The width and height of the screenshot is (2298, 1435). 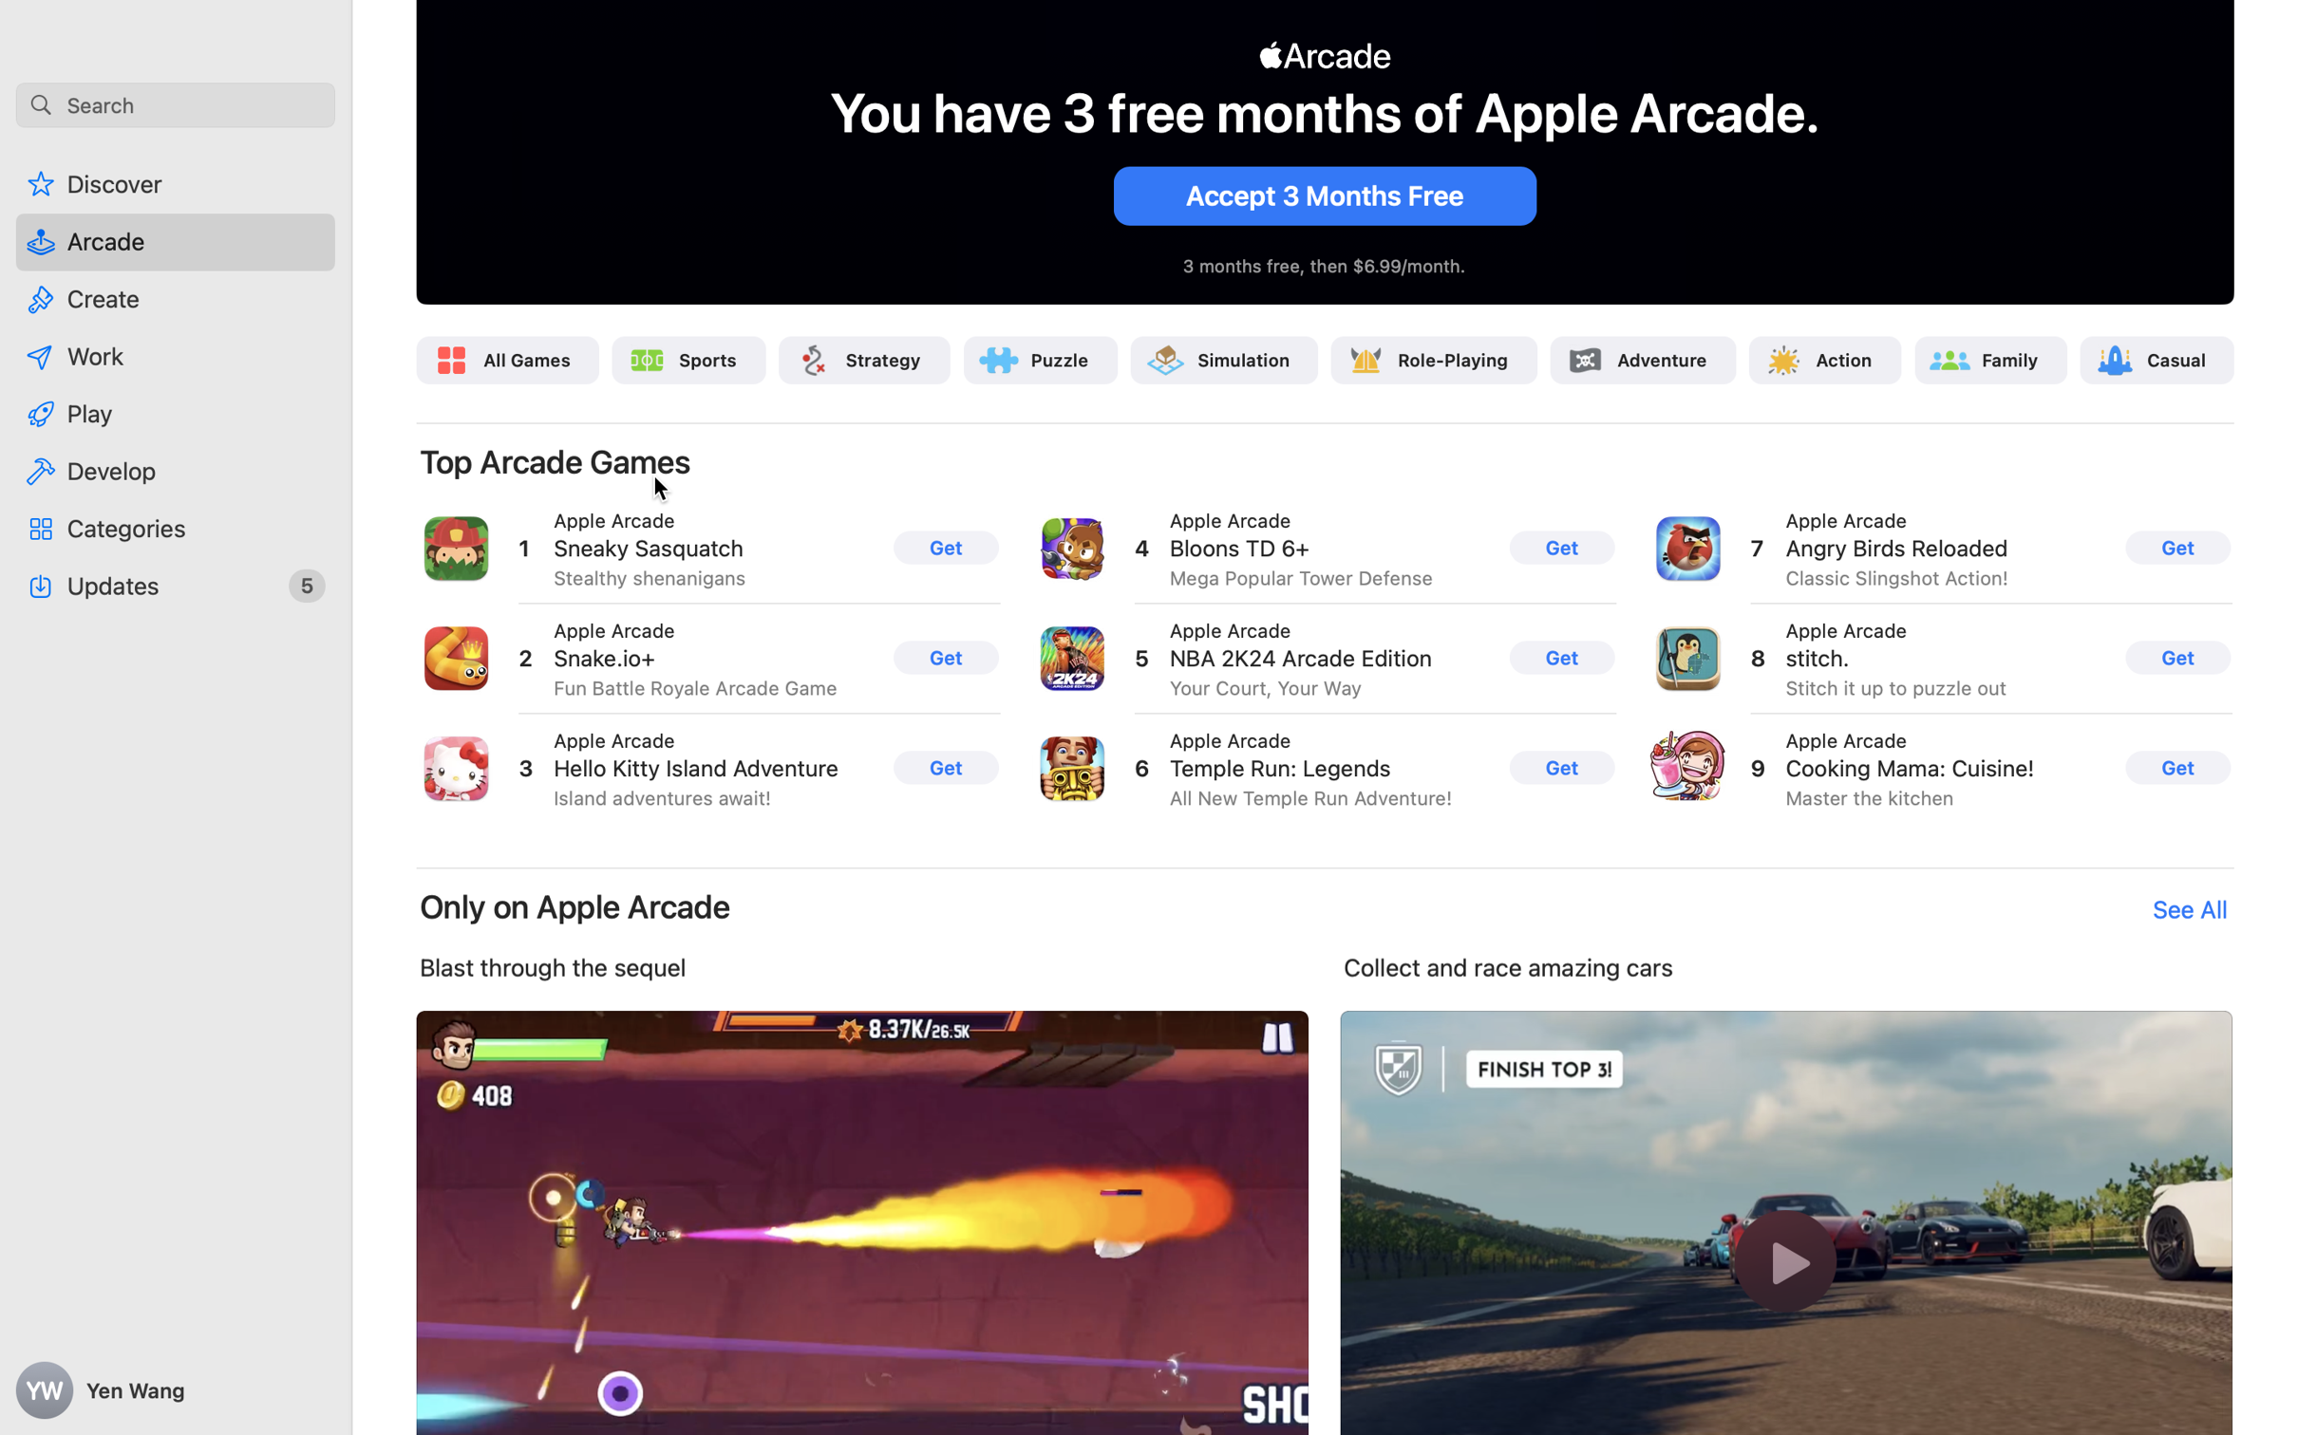 What do you see at coordinates (1242, 359) in the screenshot?
I see `'Simulation'` at bounding box center [1242, 359].